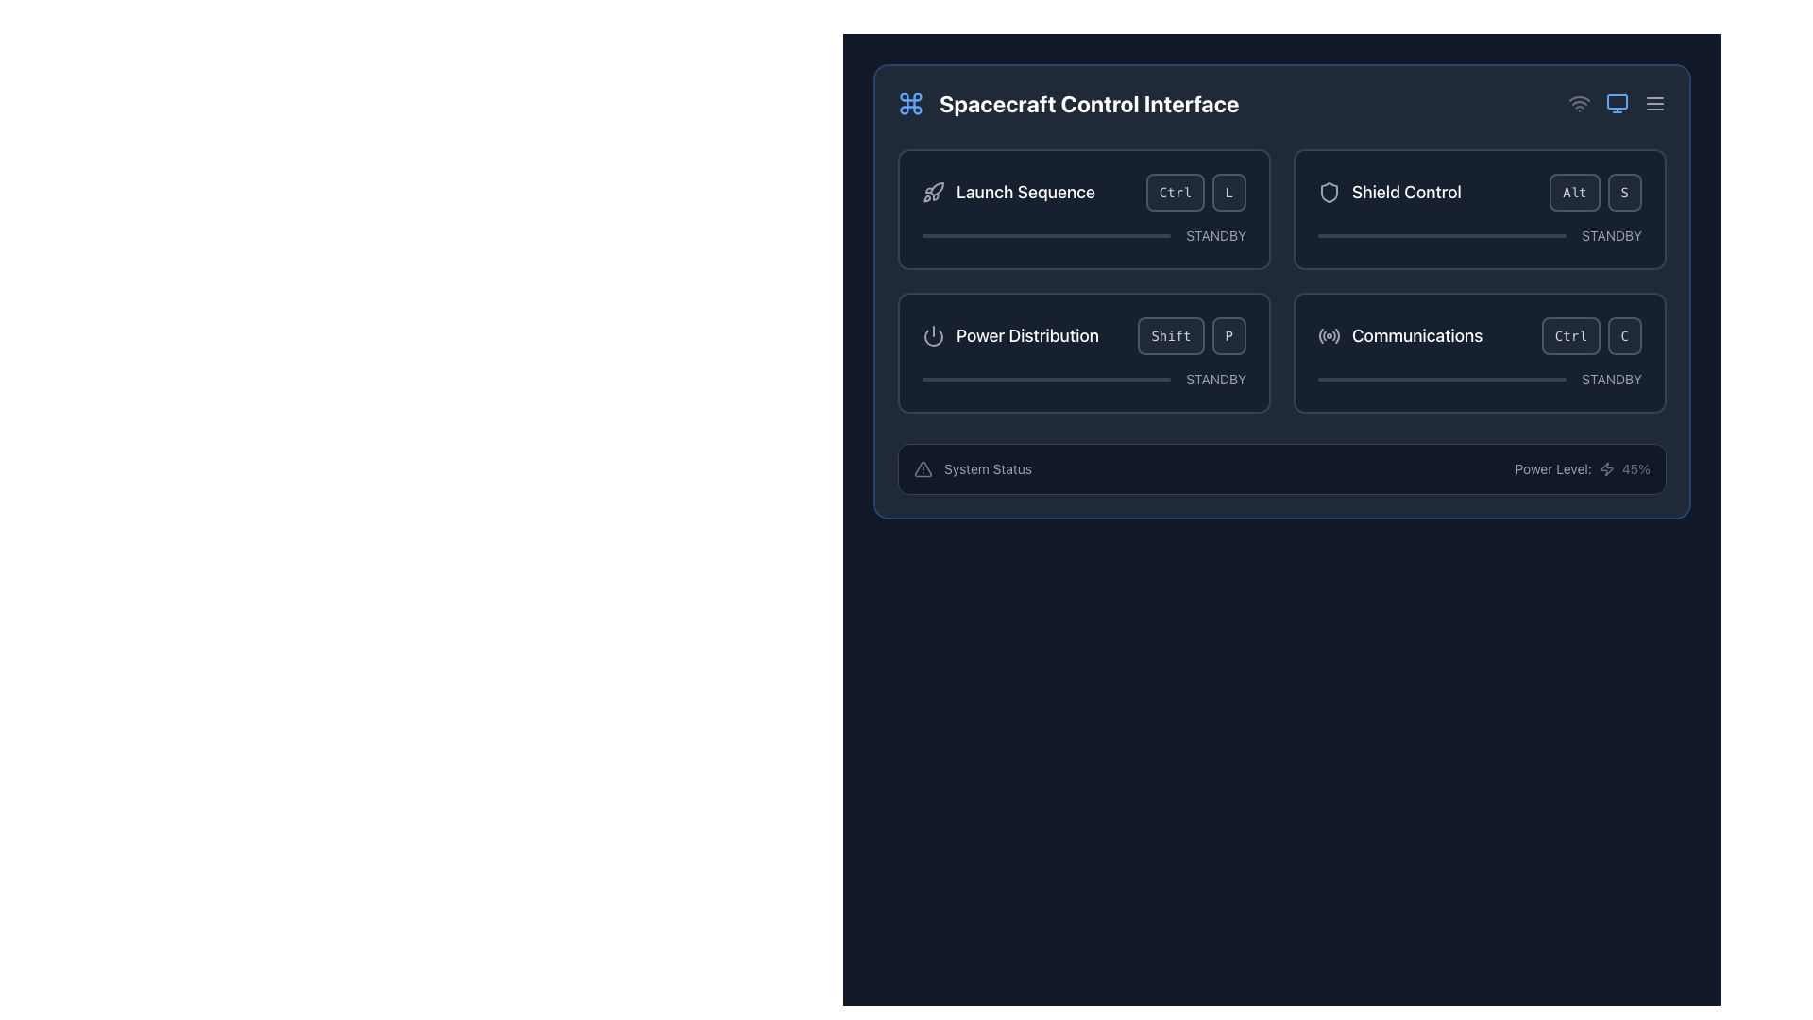  I want to click on the 'Shift' button within the 'Power Distribution' row, which includes an icon and a text label, so click(1084, 334).